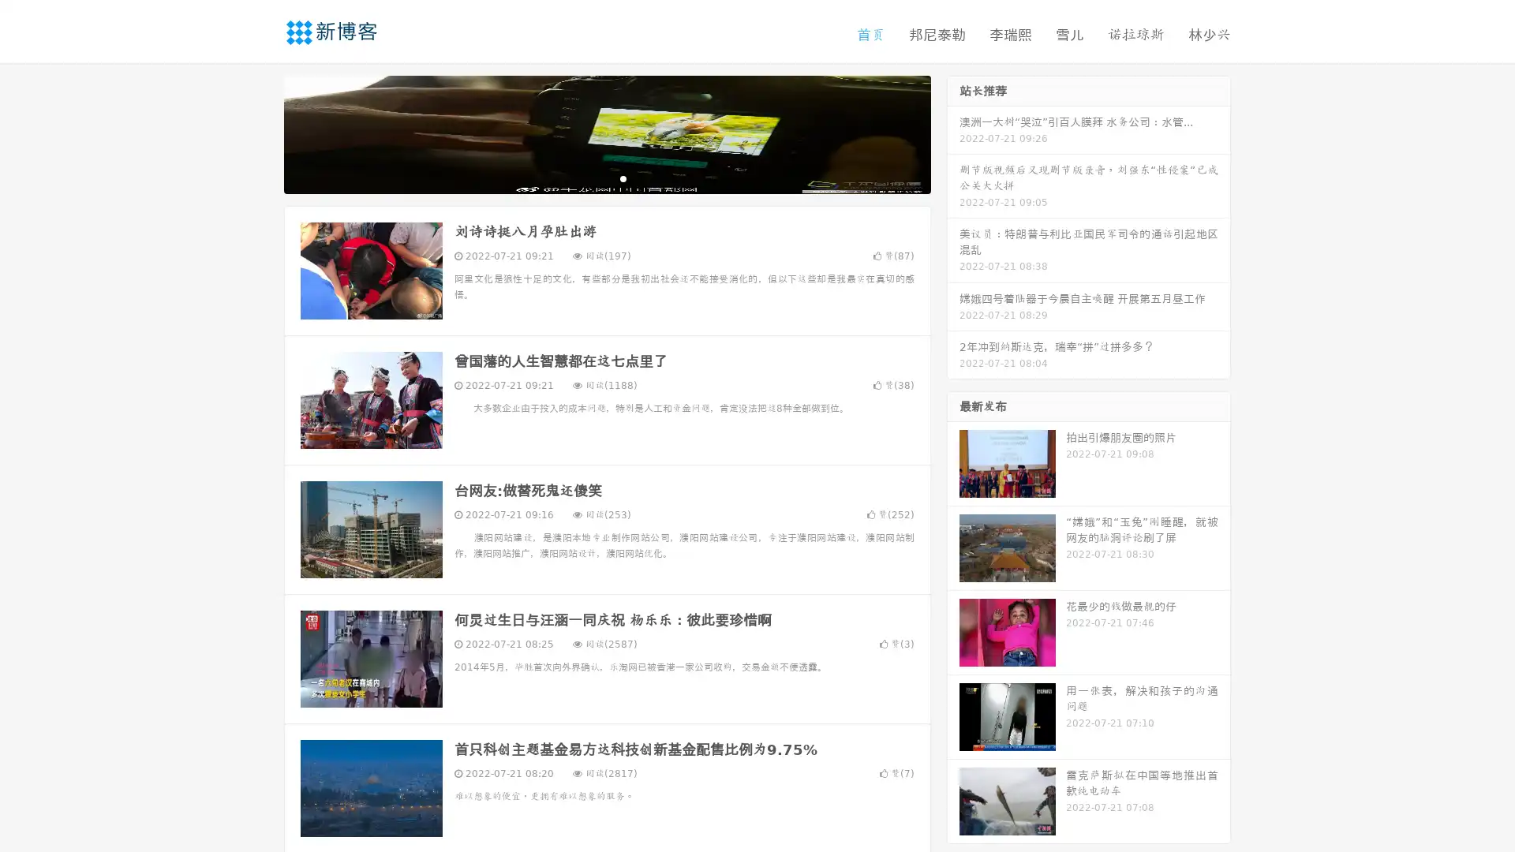 The width and height of the screenshot is (1515, 852). What do you see at coordinates (953, 133) in the screenshot?
I see `Next slide` at bounding box center [953, 133].